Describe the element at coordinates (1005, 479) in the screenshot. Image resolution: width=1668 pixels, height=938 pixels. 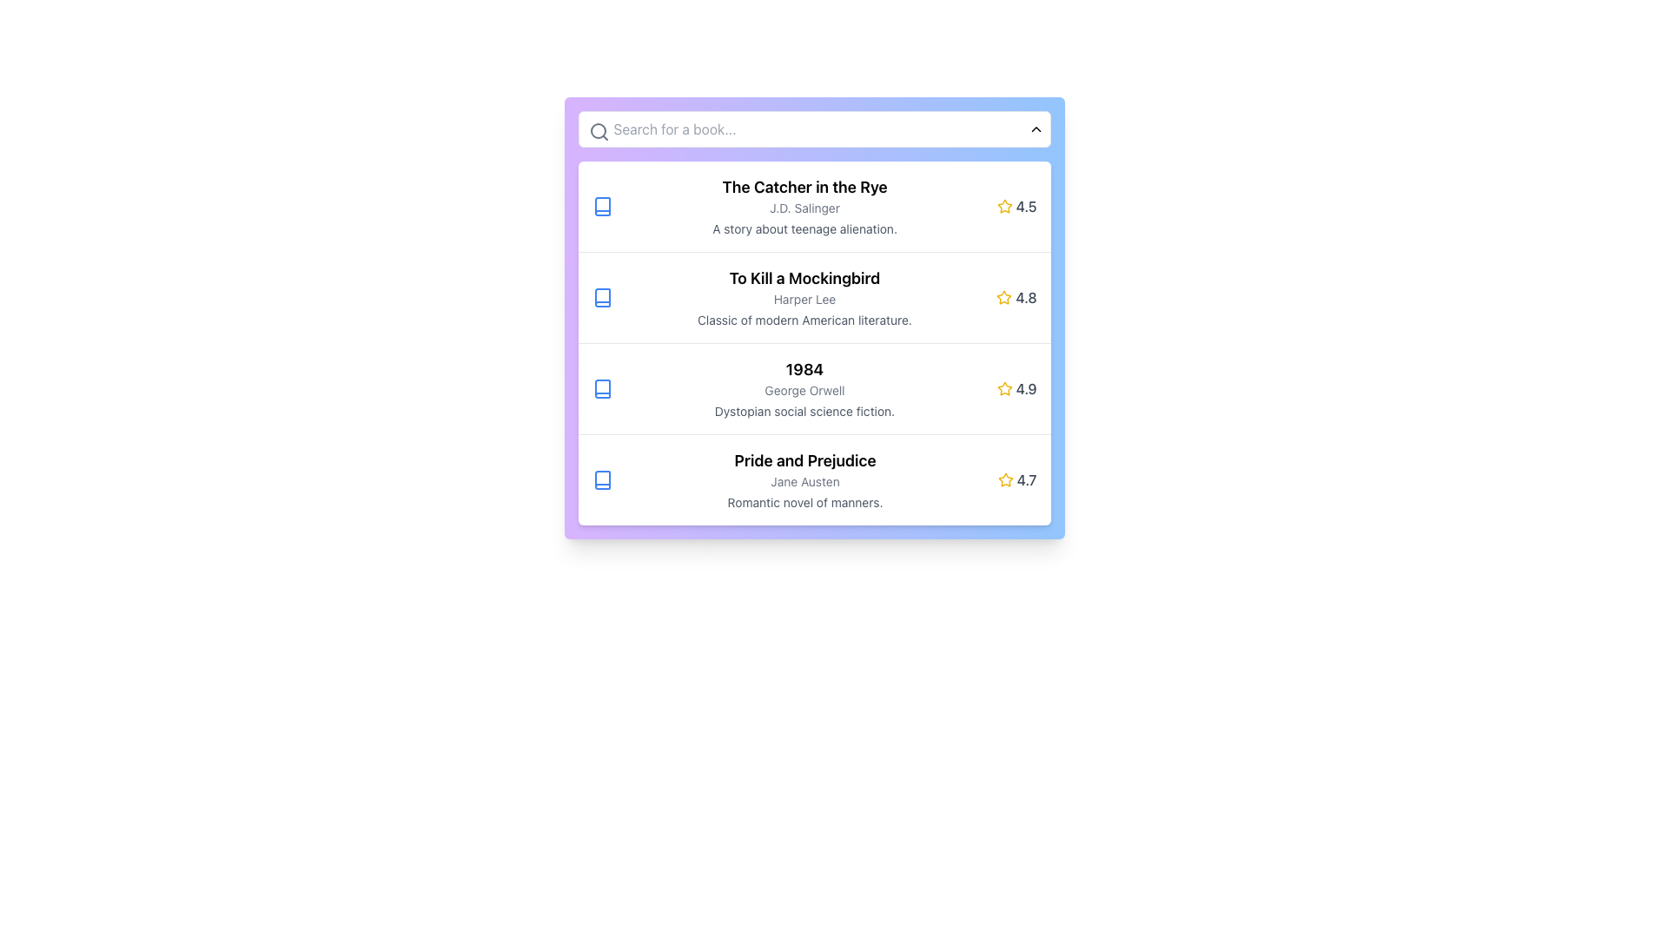
I see `the yellow star icon with a hollow interior, outlined in a bold stroke, located next to the score text '4.7'` at that location.